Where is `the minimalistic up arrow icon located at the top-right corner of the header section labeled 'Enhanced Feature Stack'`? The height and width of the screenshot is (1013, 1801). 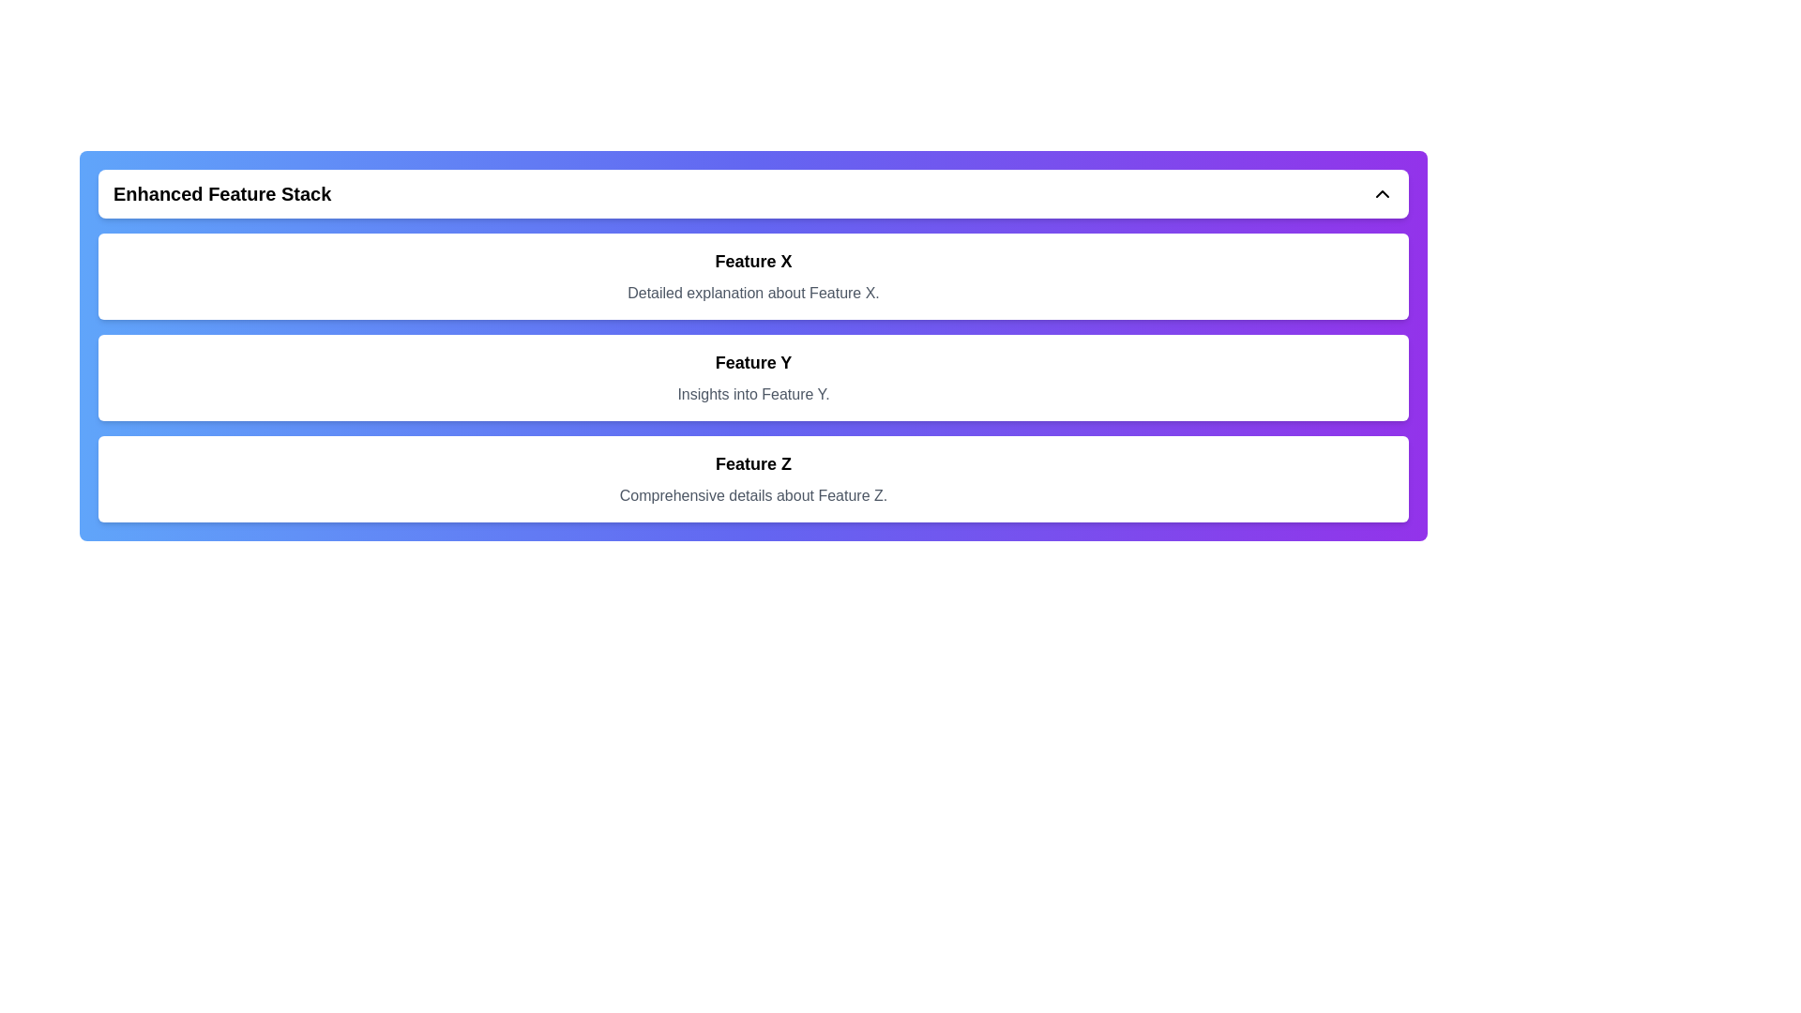 the minimalistic up arrow icon located at the top-right corner of the header section labeled 'Enhanced Feature Stack' is located at coordinates (1382, 194).